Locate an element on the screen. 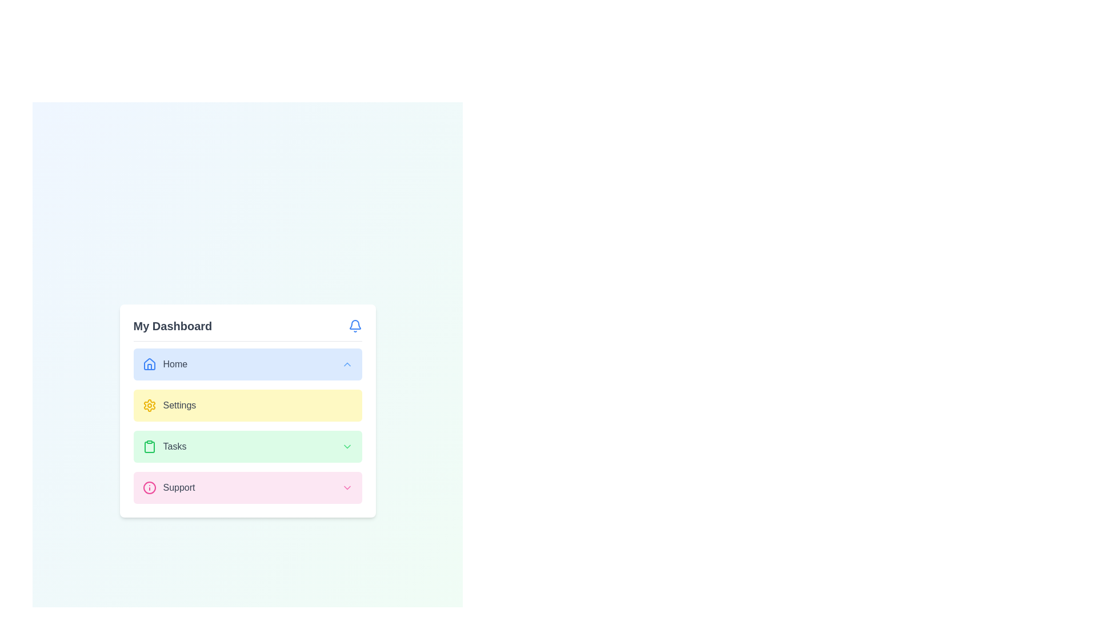 Image resolution: width=1097 pixels, height=617 pixels. the 'Support' button located beneath the 'Tasks' button in the vertical list of navigation buttons is located at coordinates (247, 487).